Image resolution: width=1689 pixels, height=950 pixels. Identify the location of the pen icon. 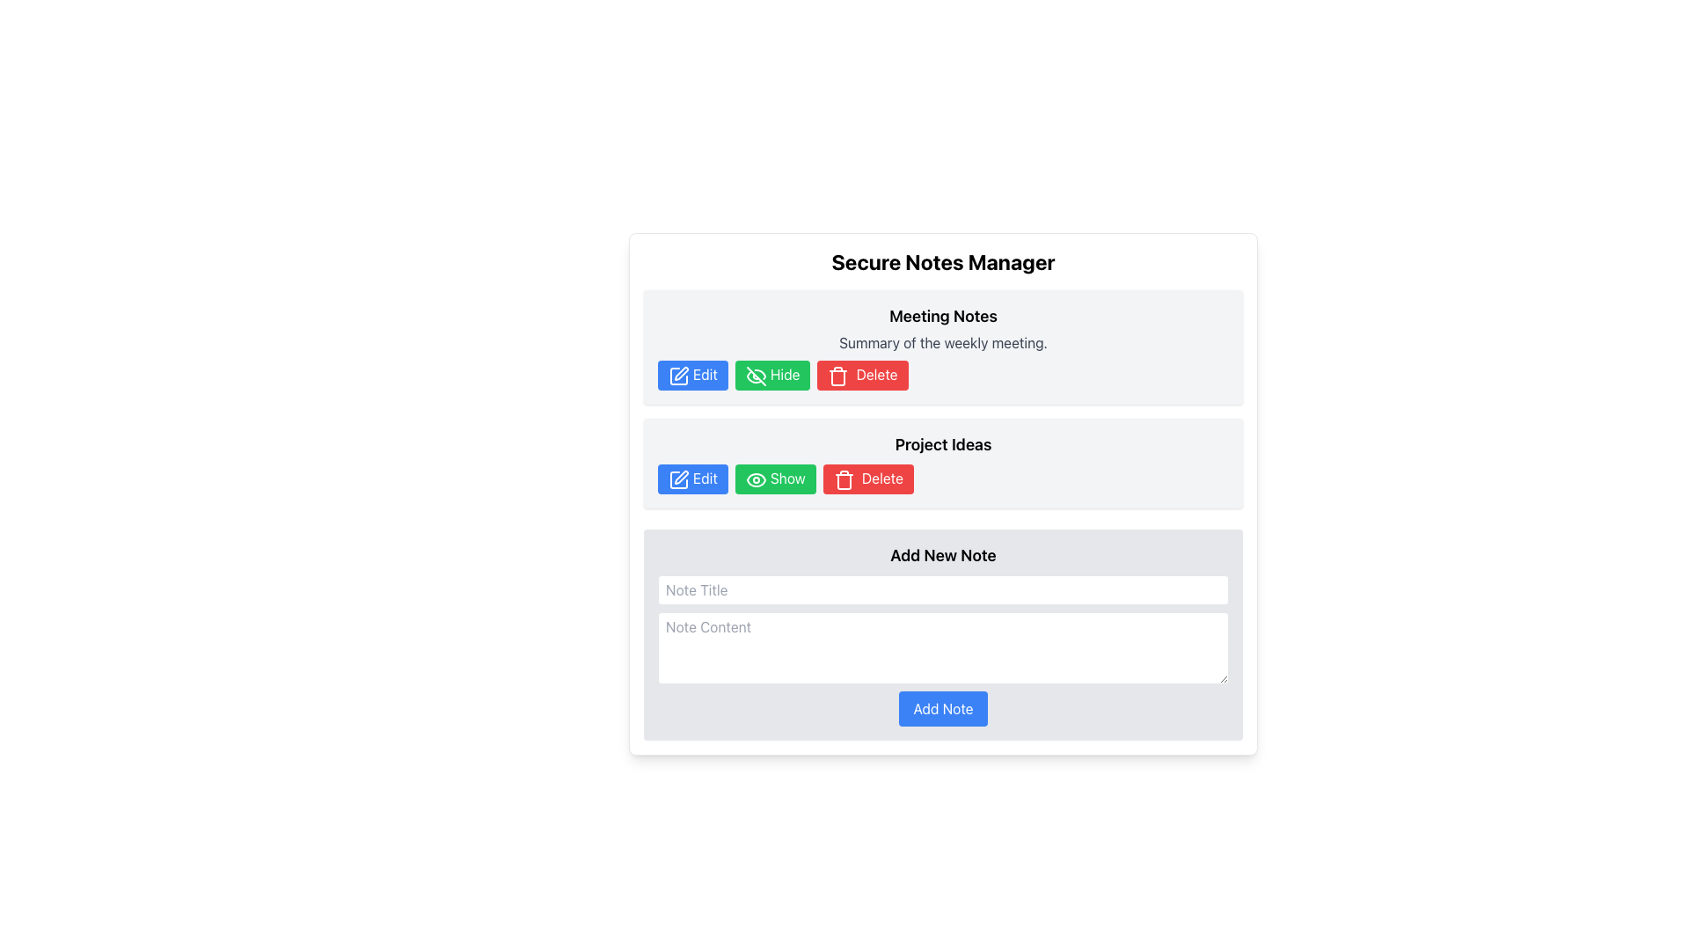
(680, 372).